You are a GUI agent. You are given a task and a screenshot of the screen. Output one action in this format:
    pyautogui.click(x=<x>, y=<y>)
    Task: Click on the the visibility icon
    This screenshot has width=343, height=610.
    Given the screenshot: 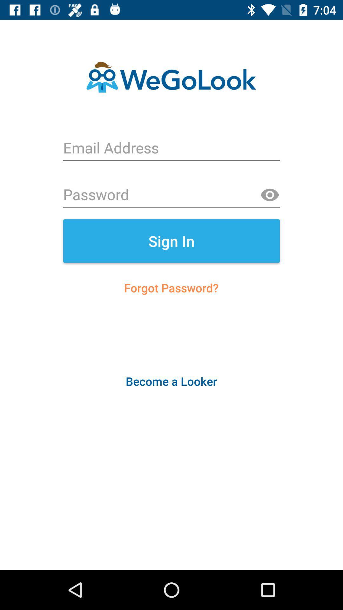 What is the action you would take?
    pyautogui.click(x=270, y=195)
    